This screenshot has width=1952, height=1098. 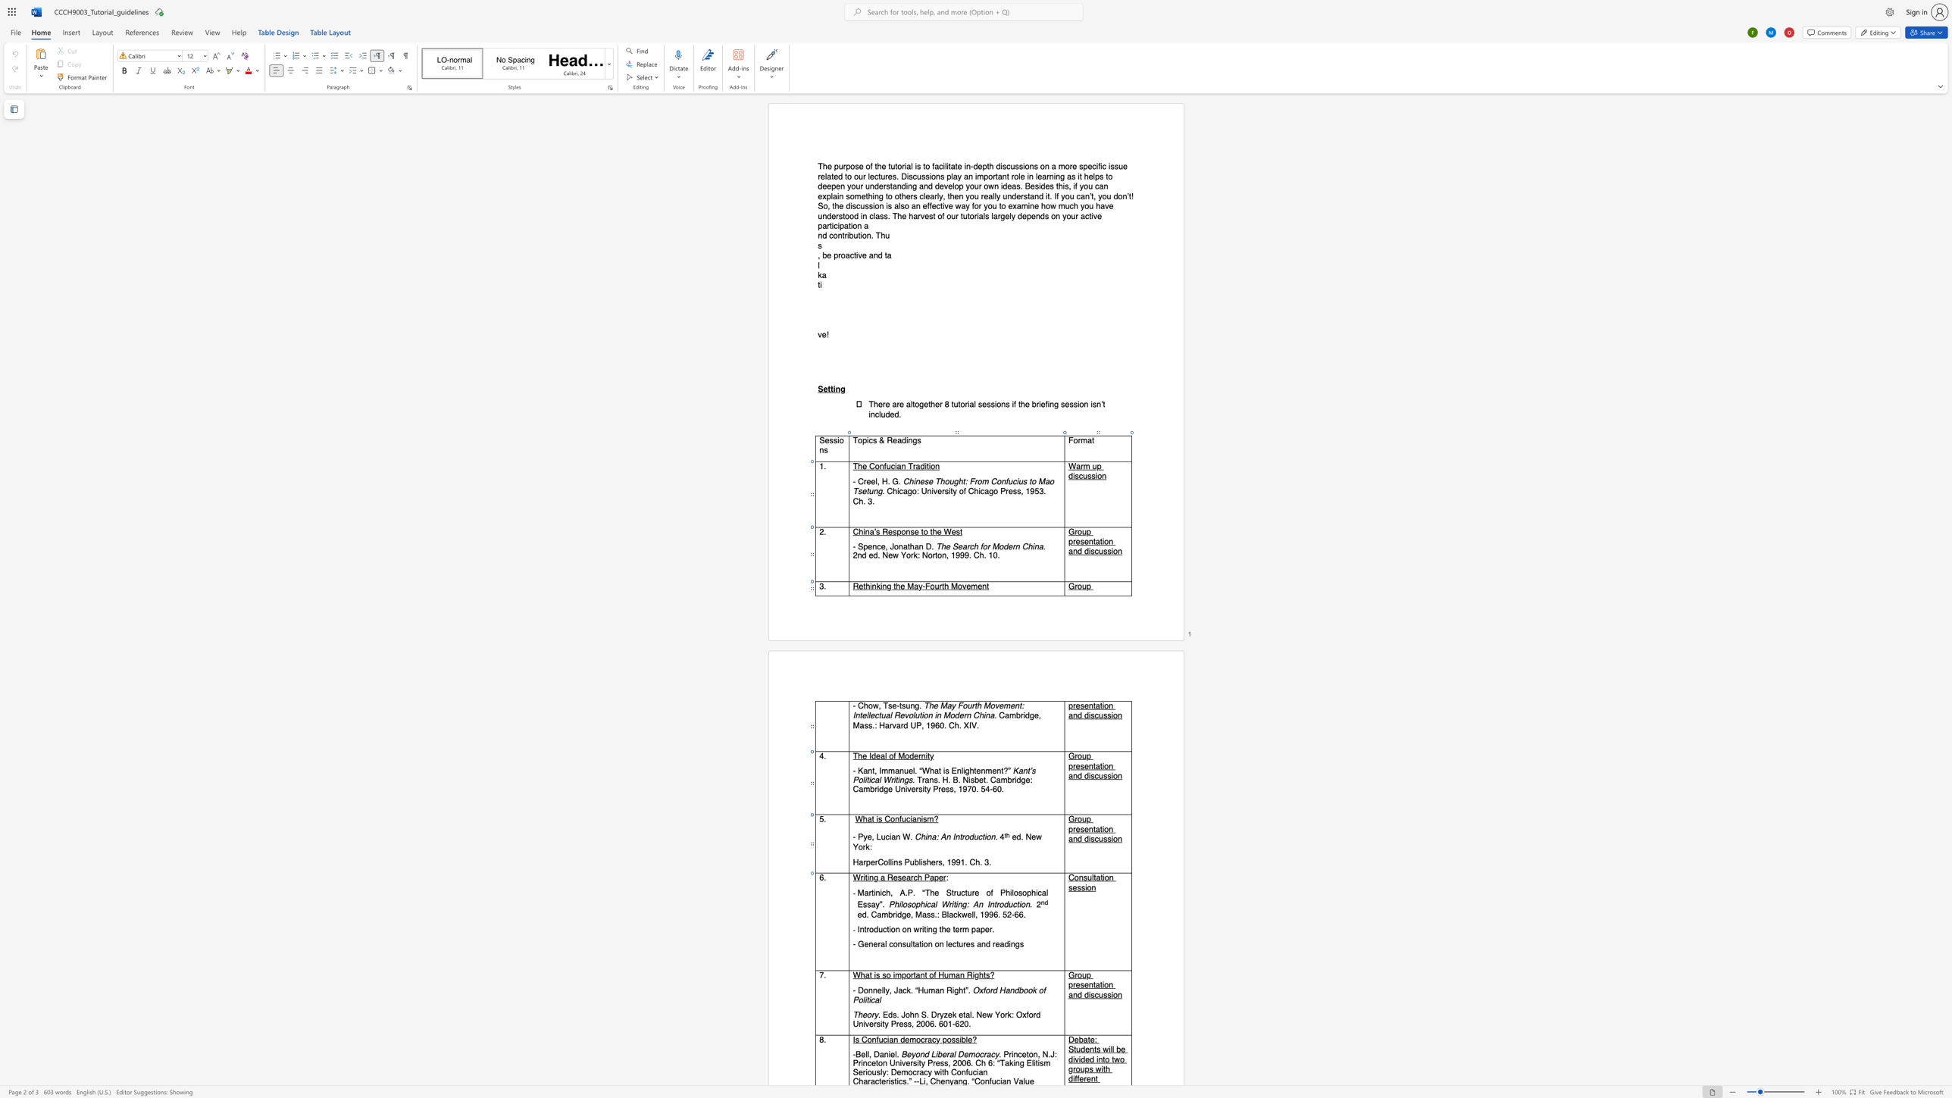 I want to click on the 1th character "r" in the text, so click(x=864, y=862).